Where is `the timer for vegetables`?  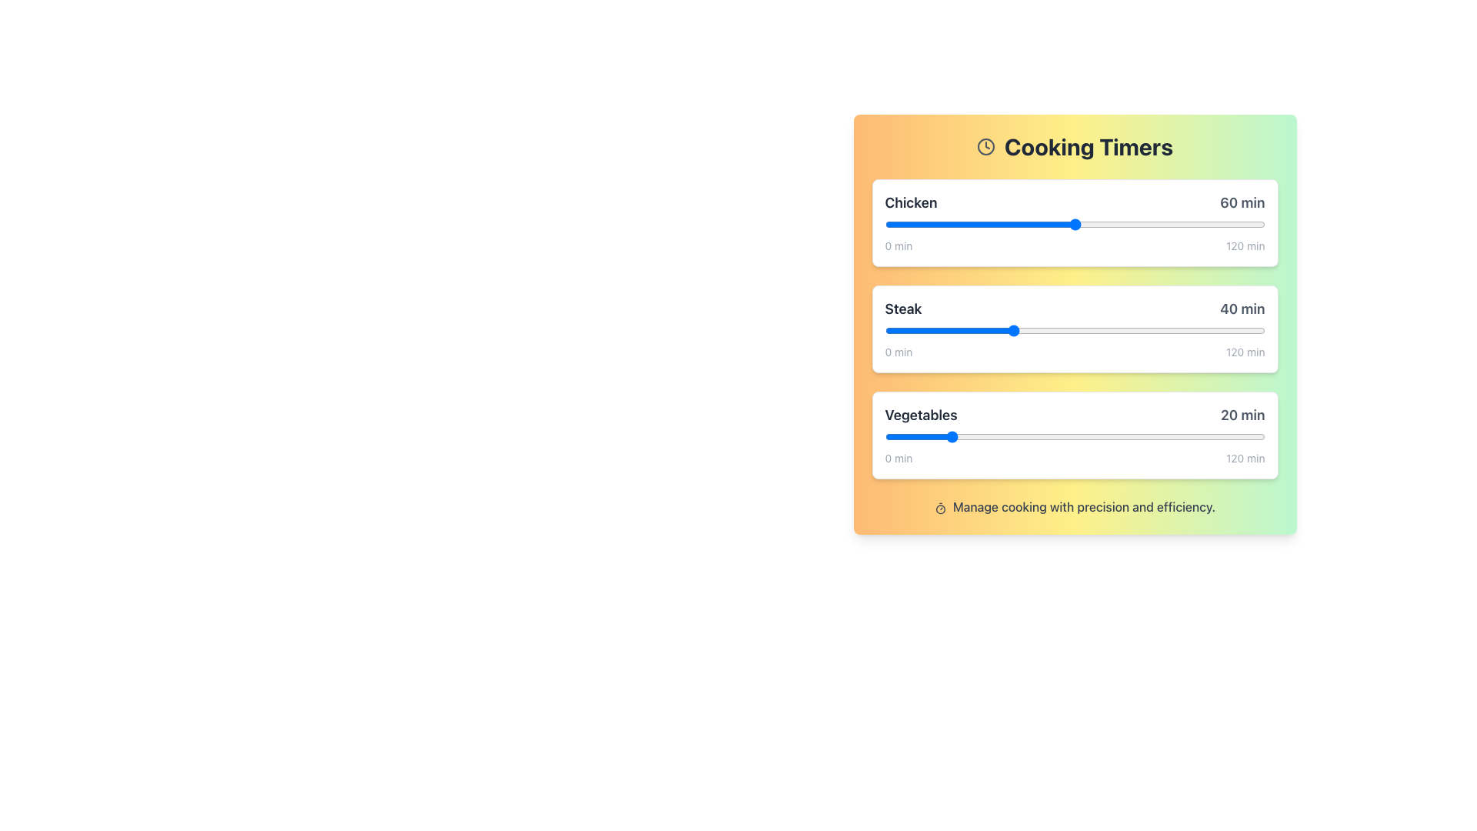
the timer for vegetables is located at coordinates (1163, 436).